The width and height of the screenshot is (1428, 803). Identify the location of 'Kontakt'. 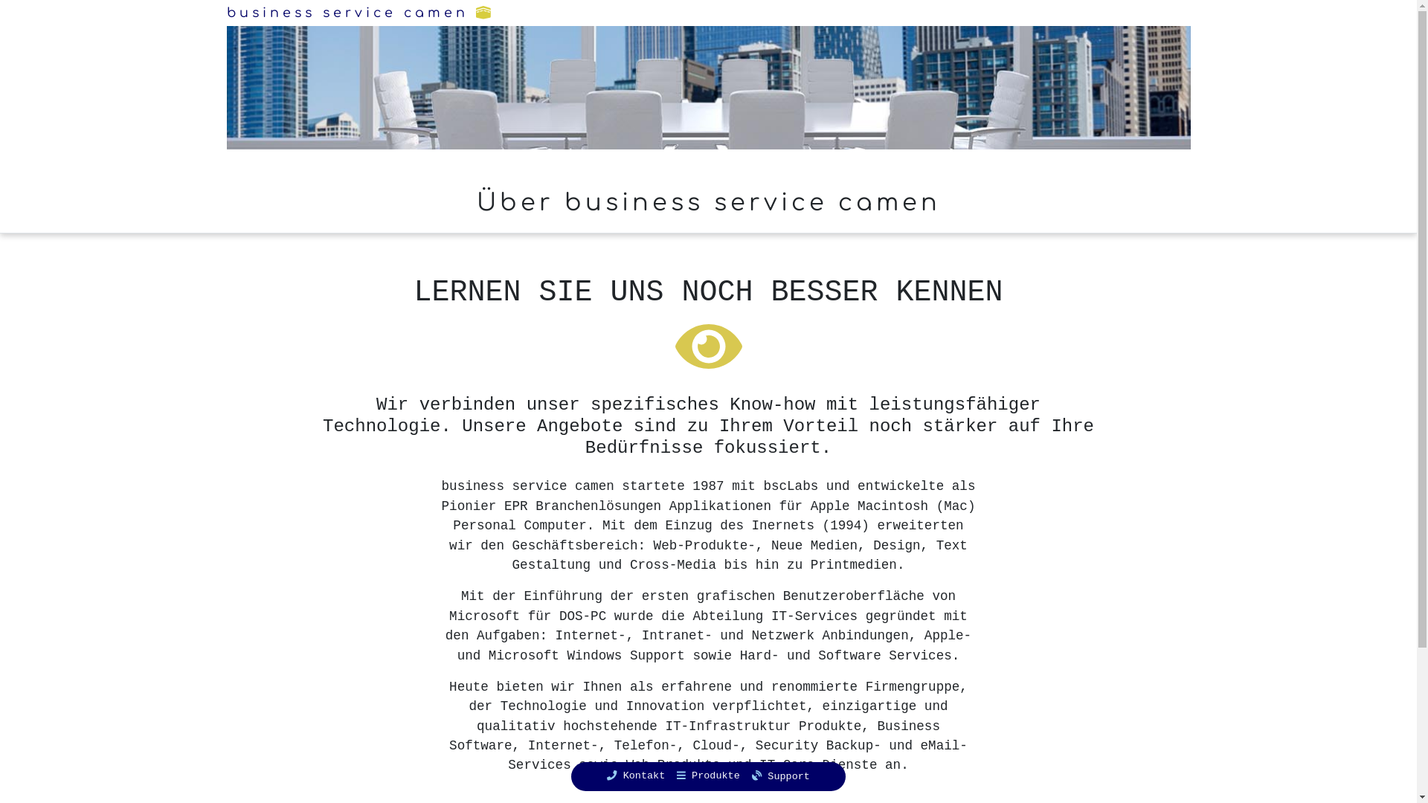
(635, 775).